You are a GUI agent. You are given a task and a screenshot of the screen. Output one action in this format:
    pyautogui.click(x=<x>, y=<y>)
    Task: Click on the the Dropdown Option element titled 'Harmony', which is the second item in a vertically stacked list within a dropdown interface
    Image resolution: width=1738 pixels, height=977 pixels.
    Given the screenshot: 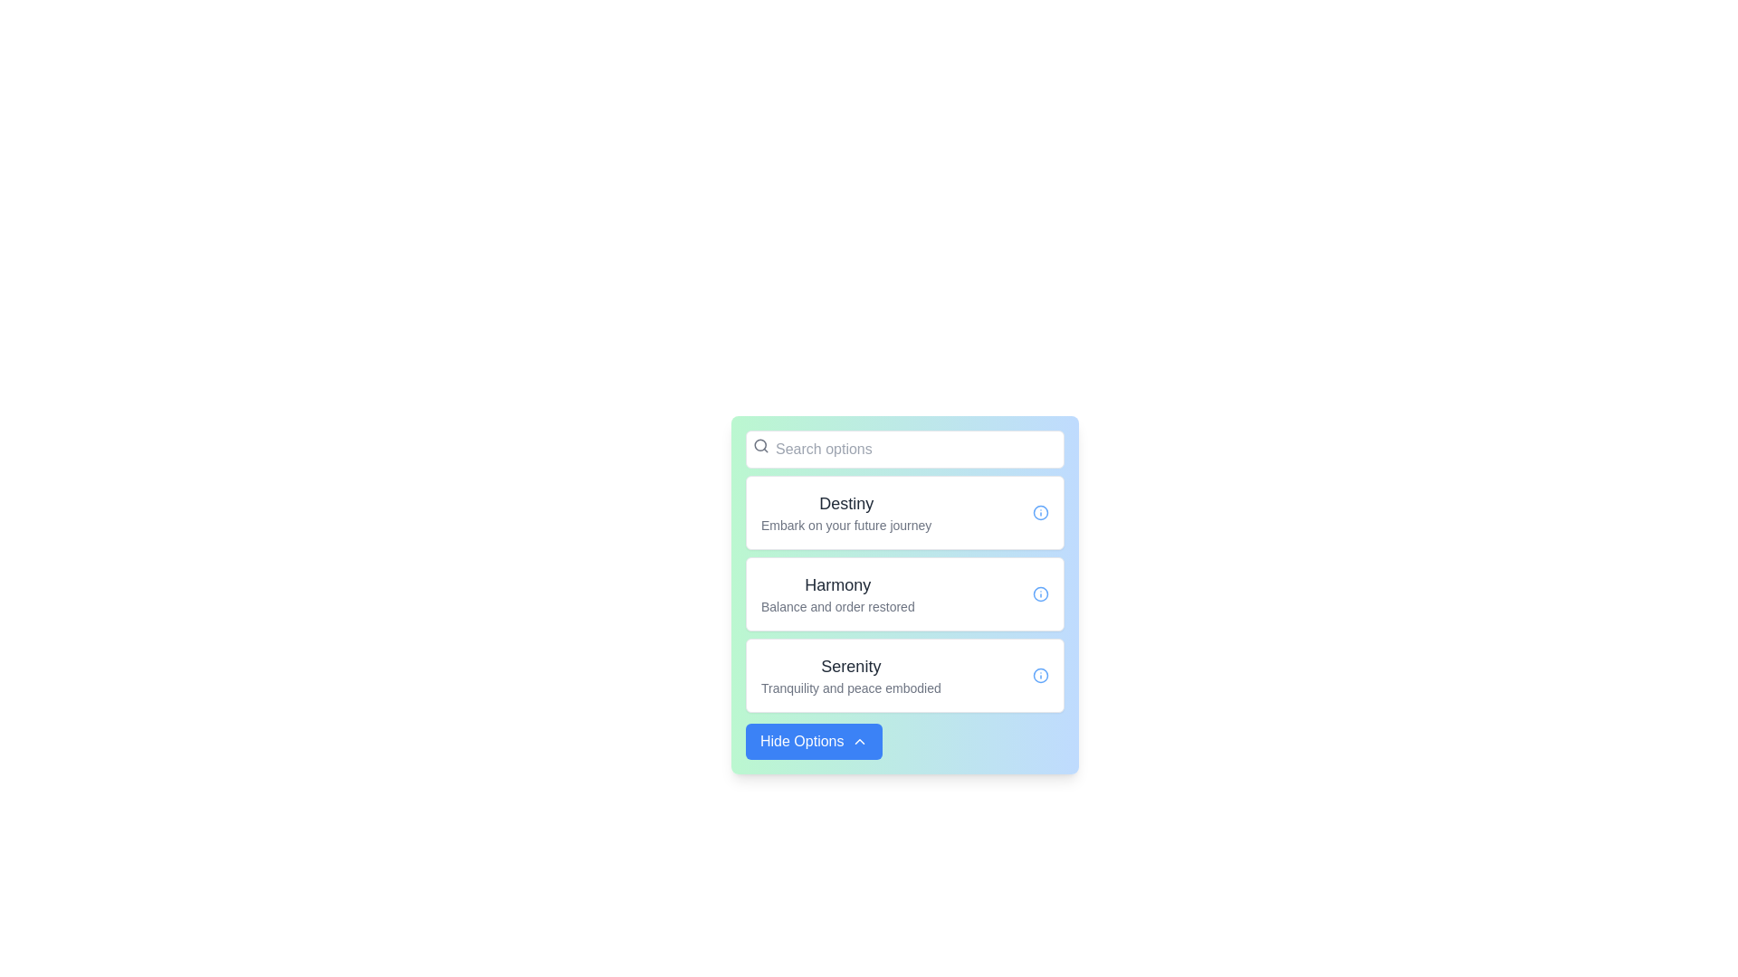 What is the action you would take?
    pyautogui.click(x=904, y=593)
    